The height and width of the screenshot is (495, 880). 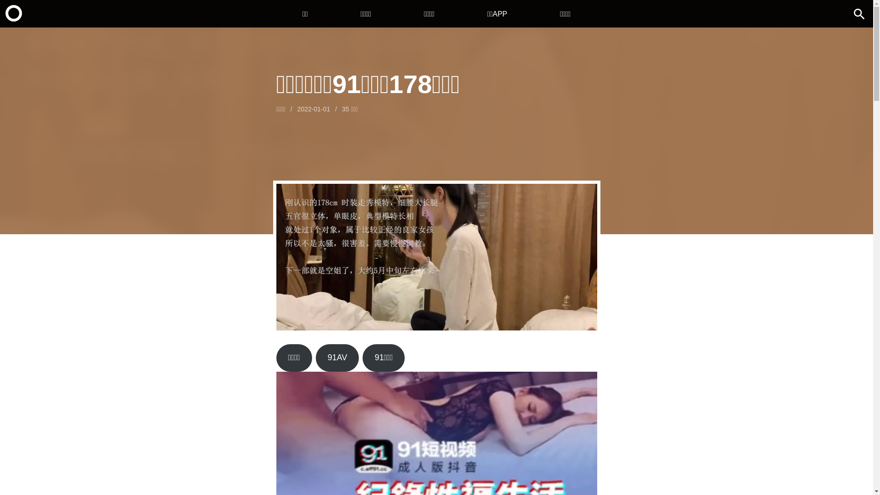 What do you see at coordinates (337, 357) in the screenshot?
I see `'91AV'` at bounding box center [337, 357].